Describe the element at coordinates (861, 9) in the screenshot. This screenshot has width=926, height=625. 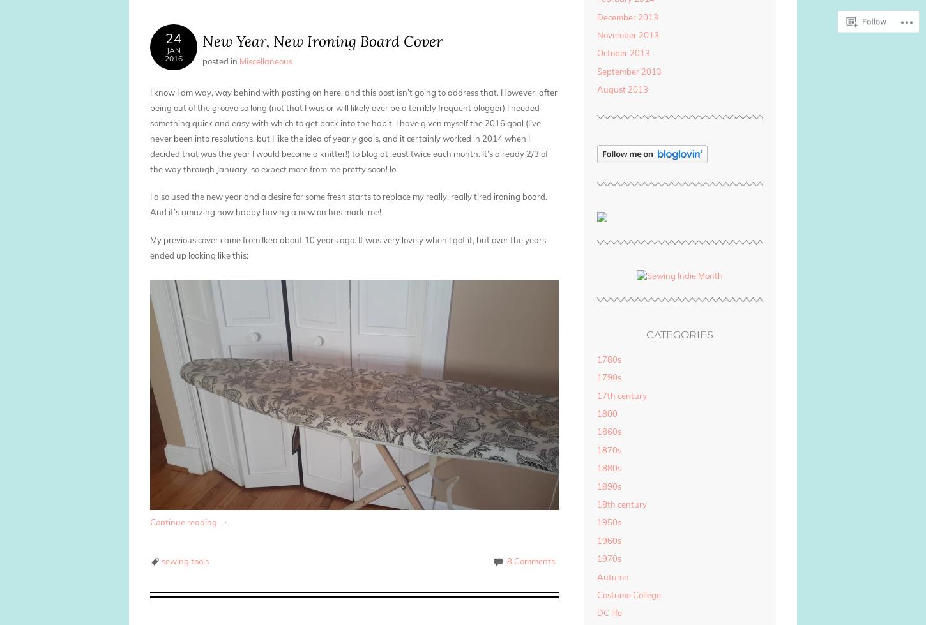
I see `'Follow'` at that location.